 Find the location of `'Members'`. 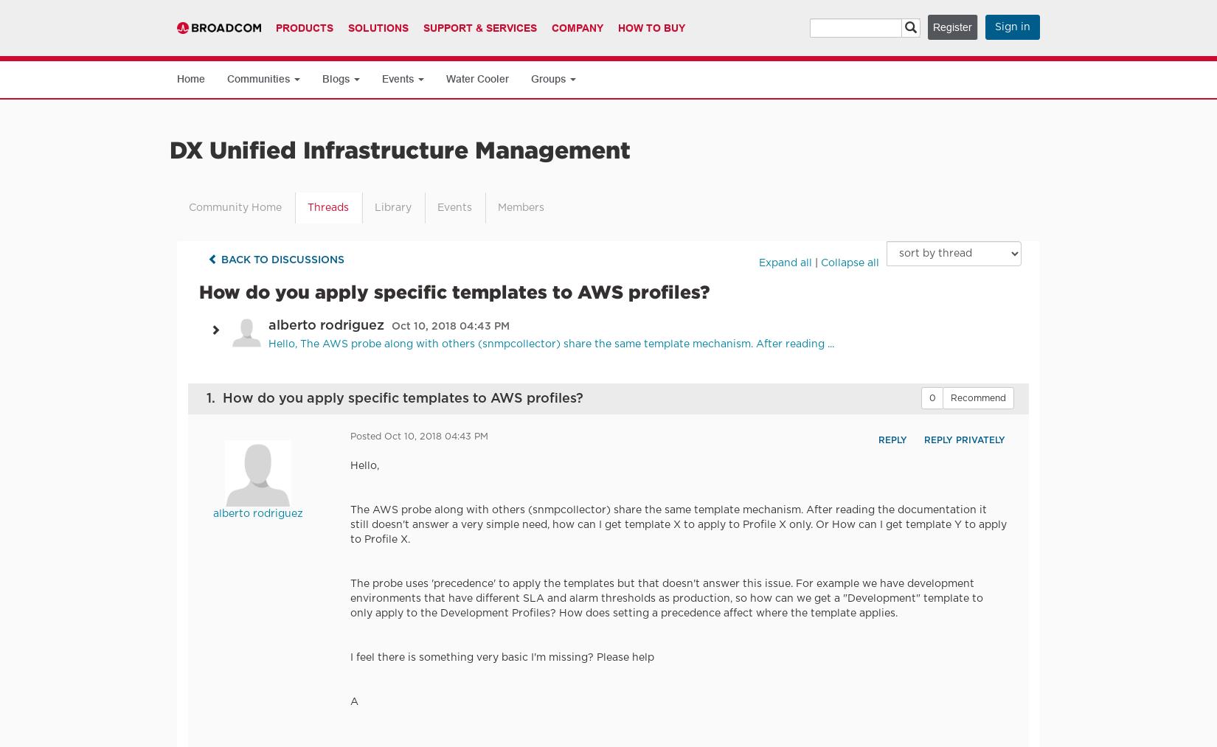

'Members' is located at coordinates (520, 207).